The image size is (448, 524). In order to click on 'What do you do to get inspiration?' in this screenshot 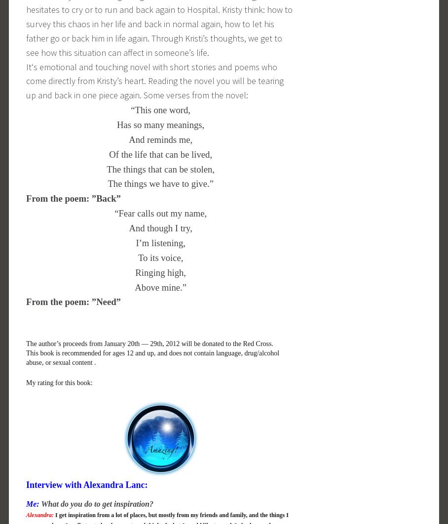, I will do `click(96, 503)`.